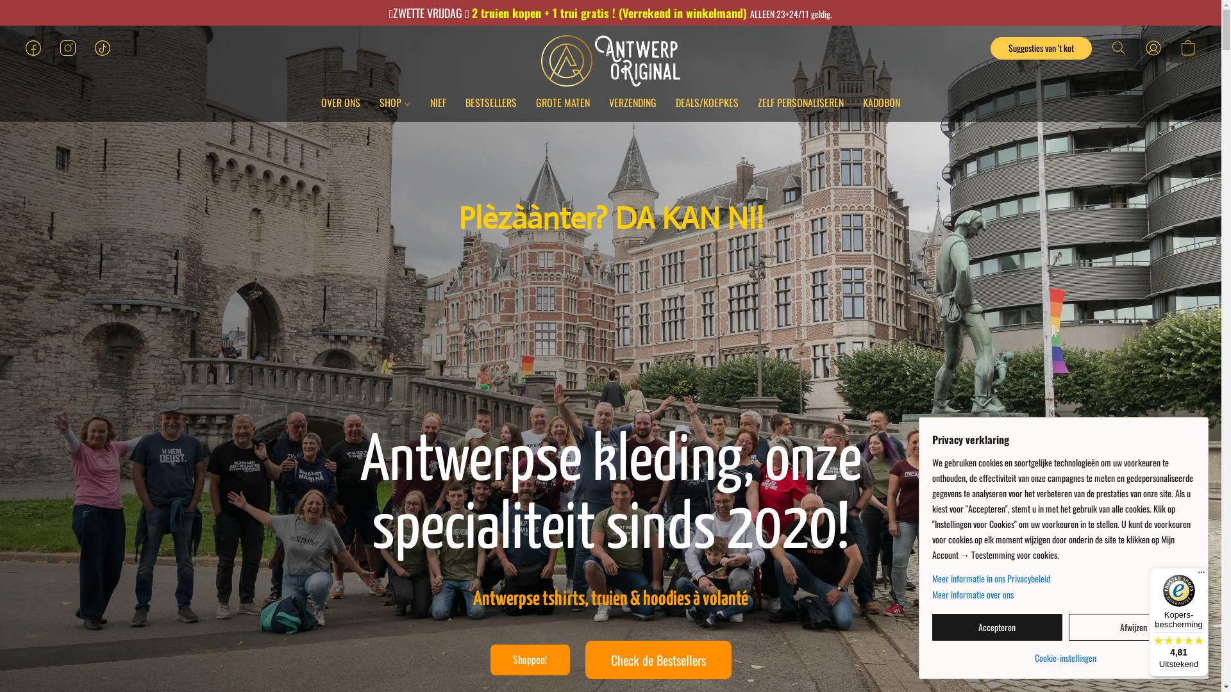 The width and height of the screenshot is (1231, 692). I want to click on 'KADOBON', so click(876, 101).